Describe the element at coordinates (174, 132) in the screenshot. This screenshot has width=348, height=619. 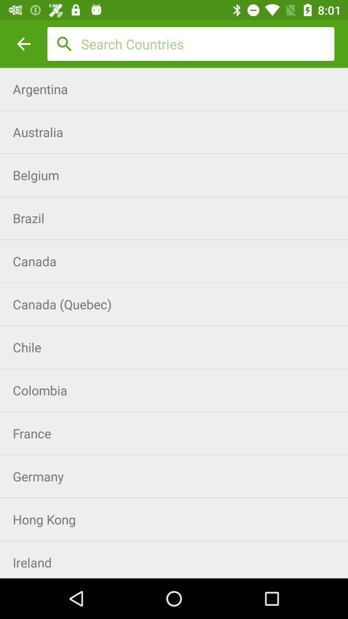
I see `the icon above the belgium item` at that location.